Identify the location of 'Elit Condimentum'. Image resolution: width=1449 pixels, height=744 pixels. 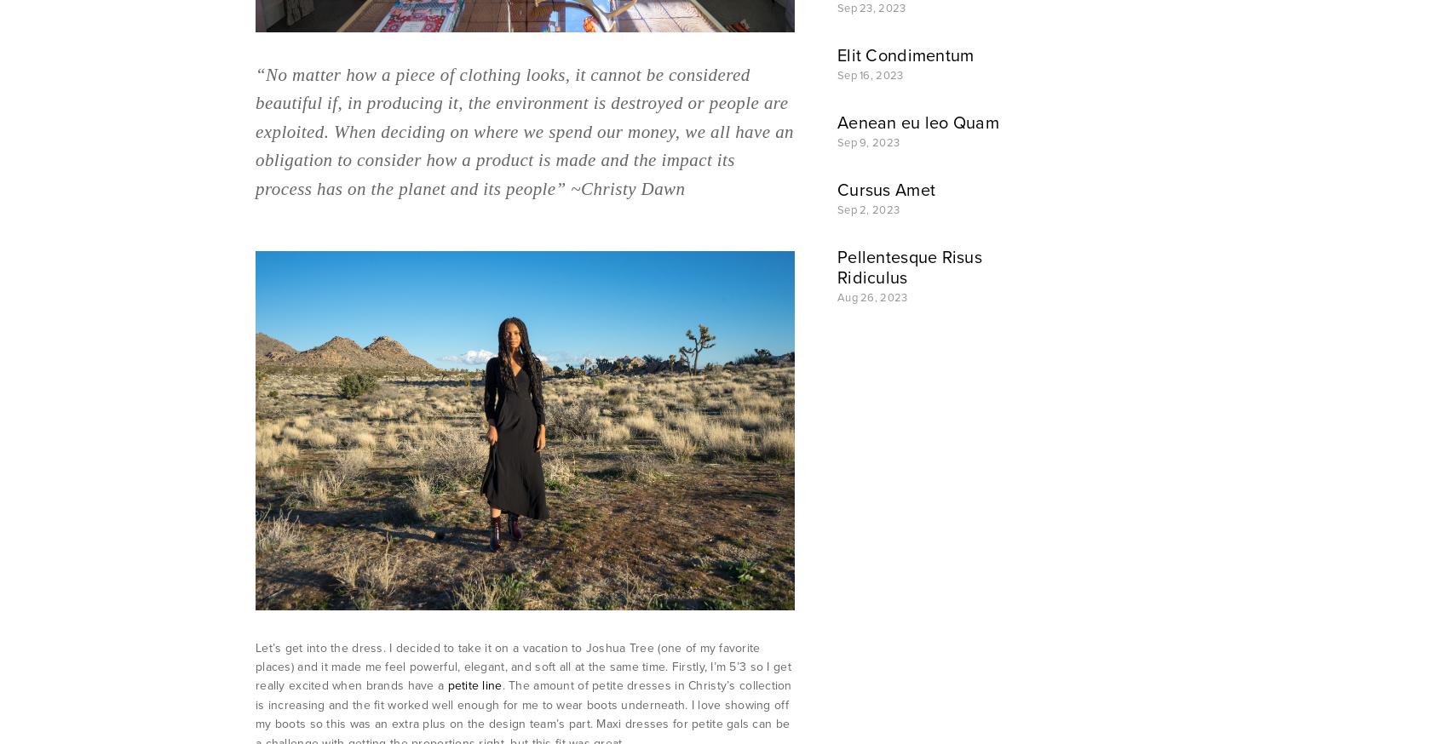
(905, 53).